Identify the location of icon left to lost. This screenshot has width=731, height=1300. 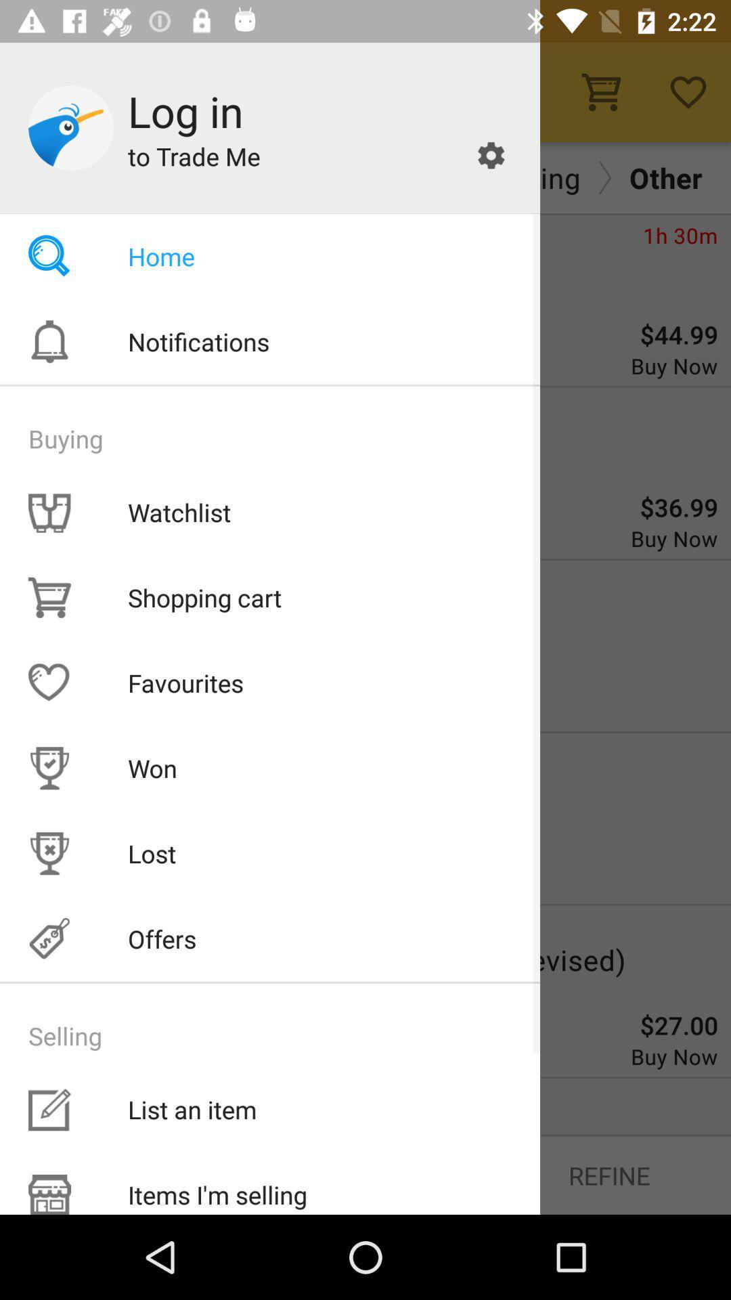
(49, 852).